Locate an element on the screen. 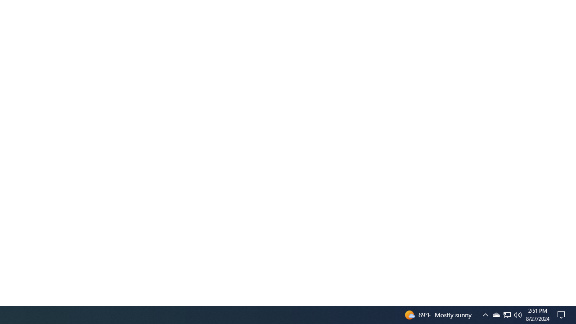 Image resolution: width=576 pixels, height=324 pixels. 'Notification Chevron' is located at coordinates (507, 314).